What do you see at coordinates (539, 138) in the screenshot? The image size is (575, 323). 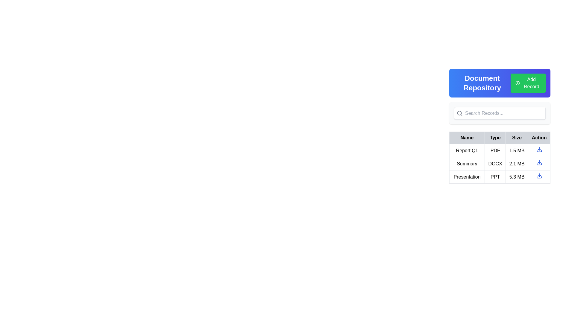 I see `the 'Action' text label element, which is the fourth column header in a grid layout, displaying bold black text on a light gray background` at bounding box center [539, 138].